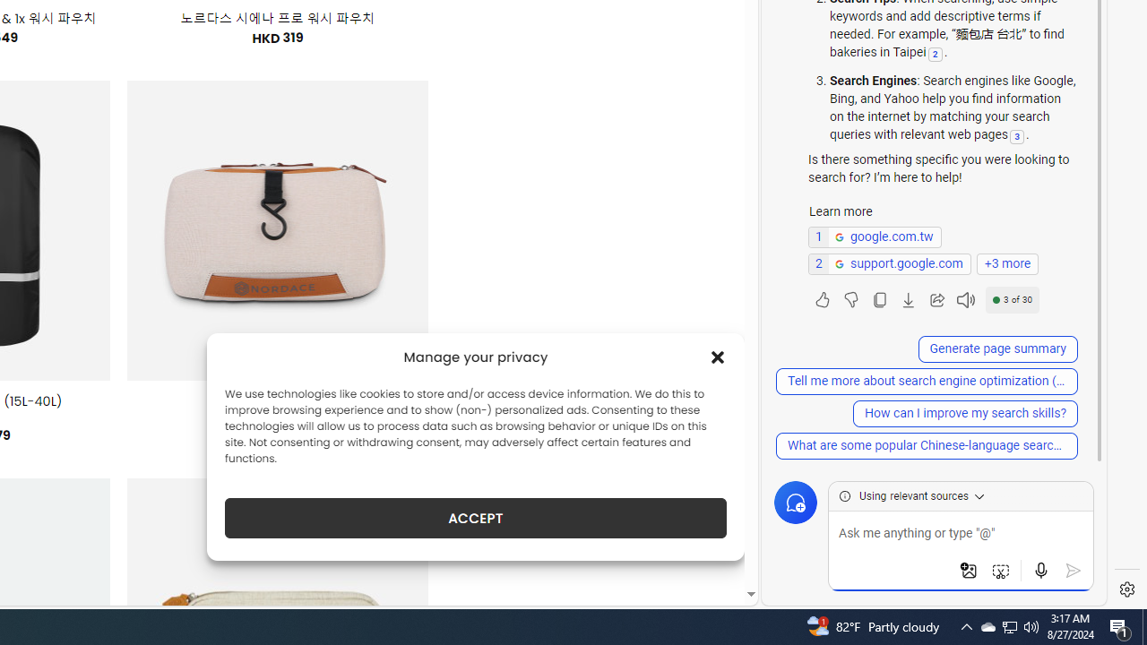 The height and width of the screenshot is (645, 1147). Describe the element at coordinates (476, 518) in the screenshot. I see `'ACCEPT'` at that location.